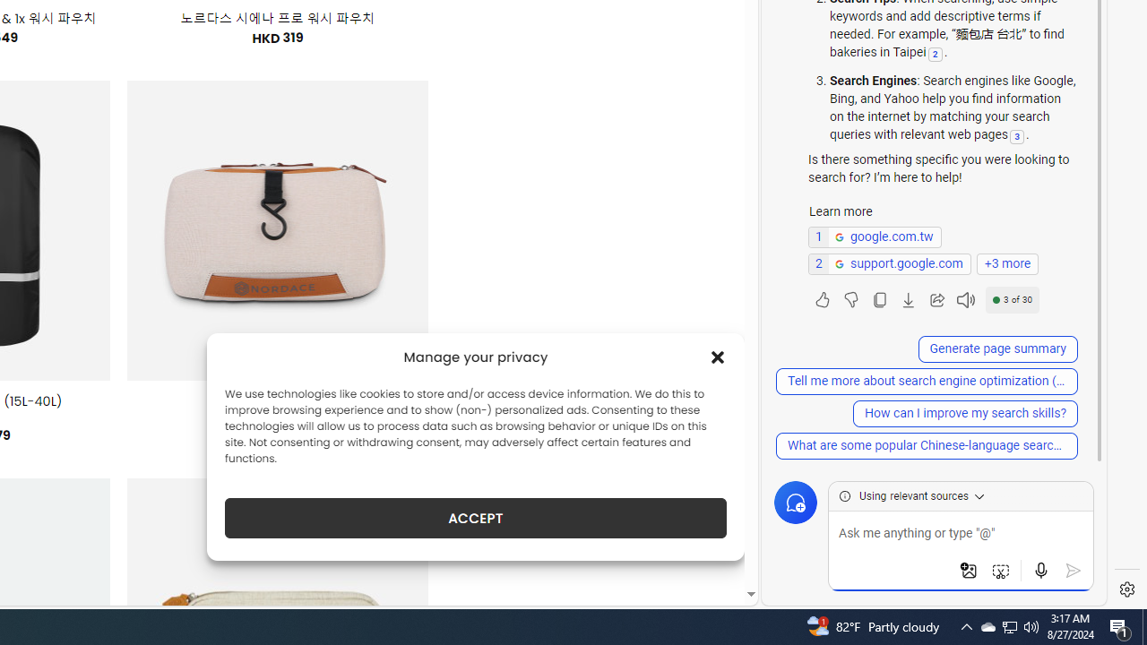 The height and width of the screenshot is (645, 1147). Describe the element at coordinates (476, 518) in the screenshot. I see `'ACCEPT'` at that location.